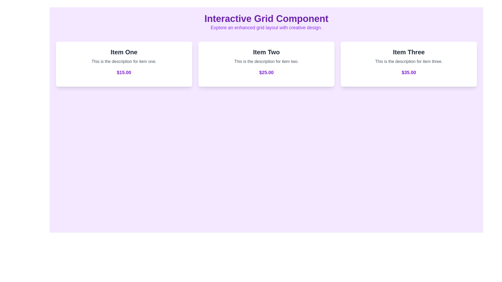  What do you see at coordinates (266, 19) in the screenshot?
I see `the prominent heading styled with large, bold text in a purple hue that contains the text 'Interactive Grid Component', located at the top of the interface` at bounding box center [266, 19].